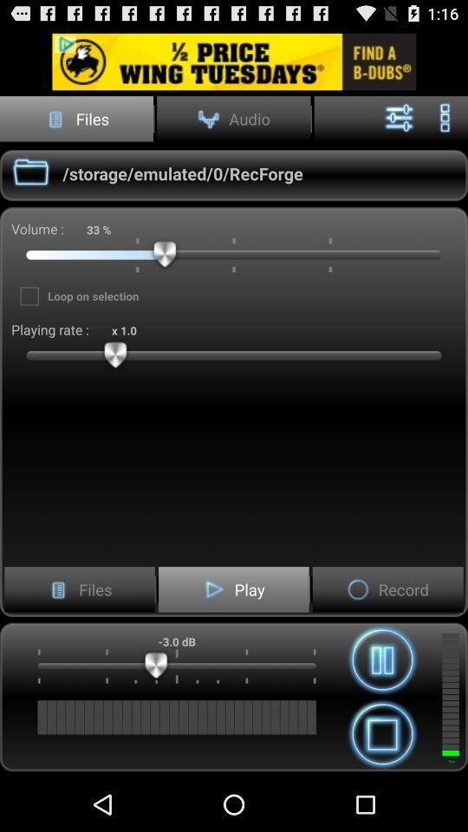 The height and width of the screenshot is (832, 468). Describe the element at coordinates (234, 62) in the screenshot. I see `advertisement option` at that location.